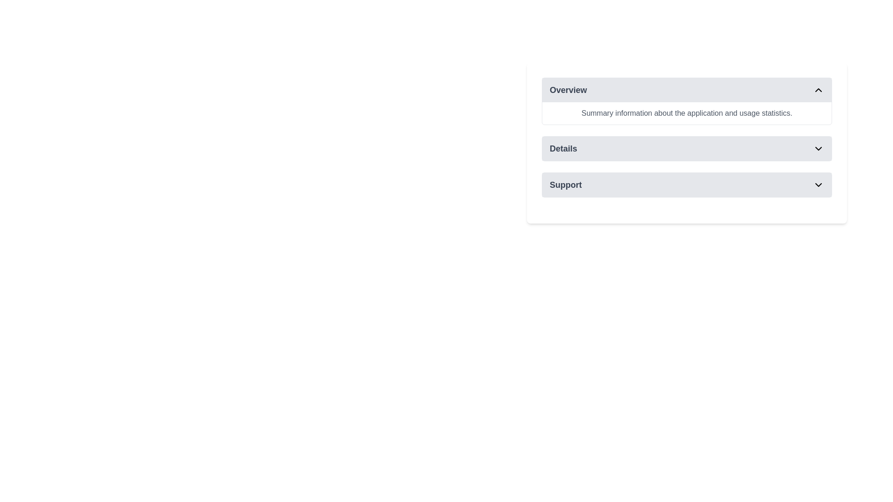  I want to click on the 'Details' collapsible section header to prepare for navigation or interaction, so click(687, 143).